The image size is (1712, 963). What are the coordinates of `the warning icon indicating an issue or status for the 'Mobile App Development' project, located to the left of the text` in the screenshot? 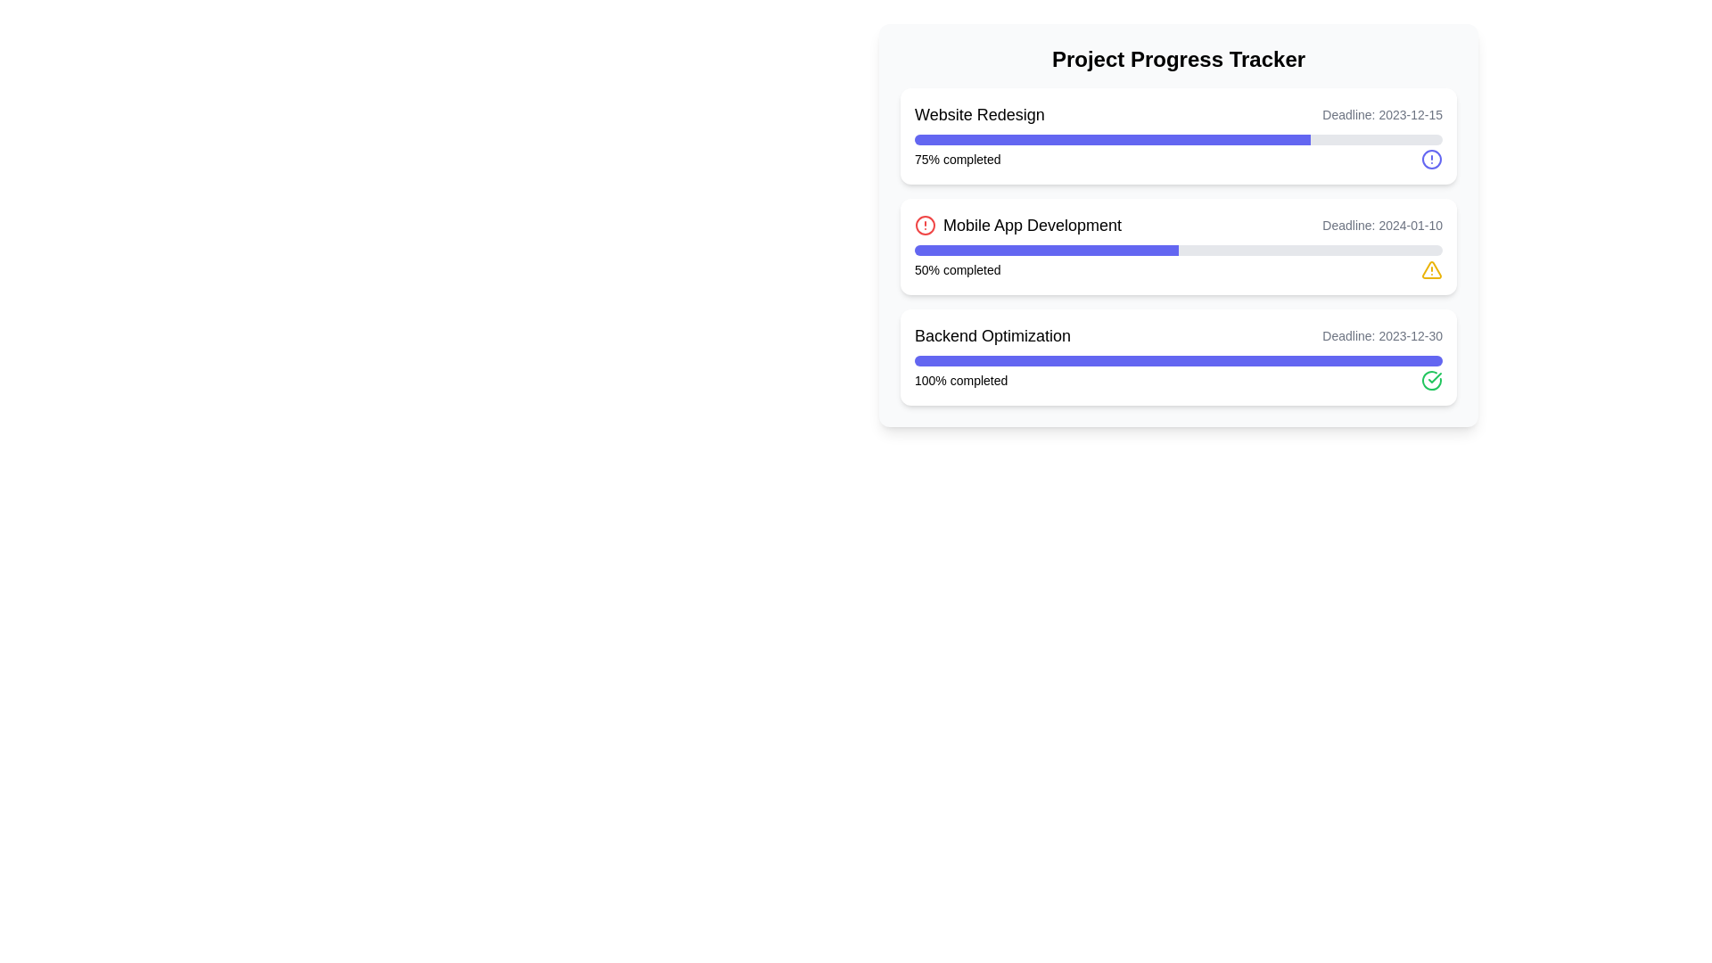 It's located at (925, 225).